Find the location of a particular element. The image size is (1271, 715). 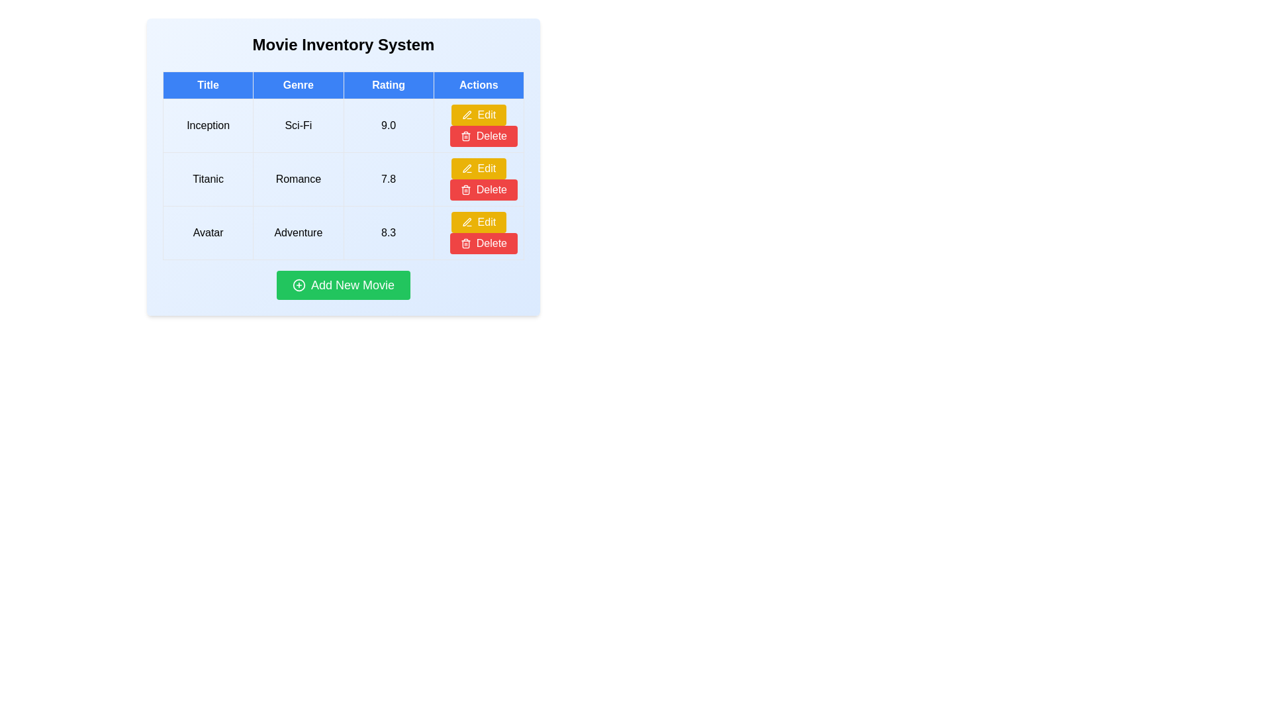

the trash-can icon with a red background located in the 'Actions' column of the third row is located at coordinates (465, 136).